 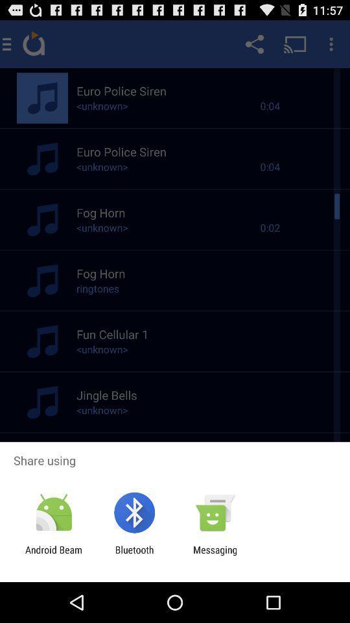 What do you see at coordinates (53, 555) in the screenshot?
I see `app next to the bluetooth` at bounding box center [53, 555].